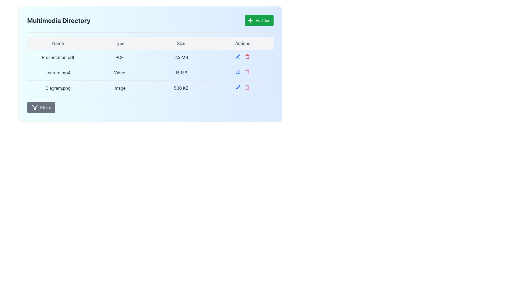 This screenshot has height=291, width=518. Describe the element at coordinates (181, 73) in the screenshot. I see `the text displaying the size of the file 'Lecture.mp4' in the multimedia directory table, specifically located in the third column of its row` at that location.